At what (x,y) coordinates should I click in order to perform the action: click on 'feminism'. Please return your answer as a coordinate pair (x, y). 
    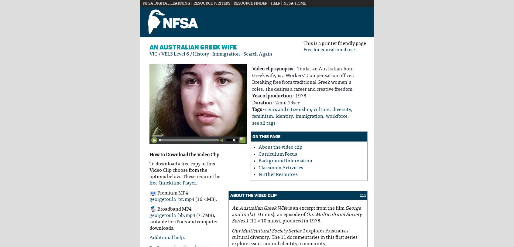
    Looking at the image, I should click on (262, 116).